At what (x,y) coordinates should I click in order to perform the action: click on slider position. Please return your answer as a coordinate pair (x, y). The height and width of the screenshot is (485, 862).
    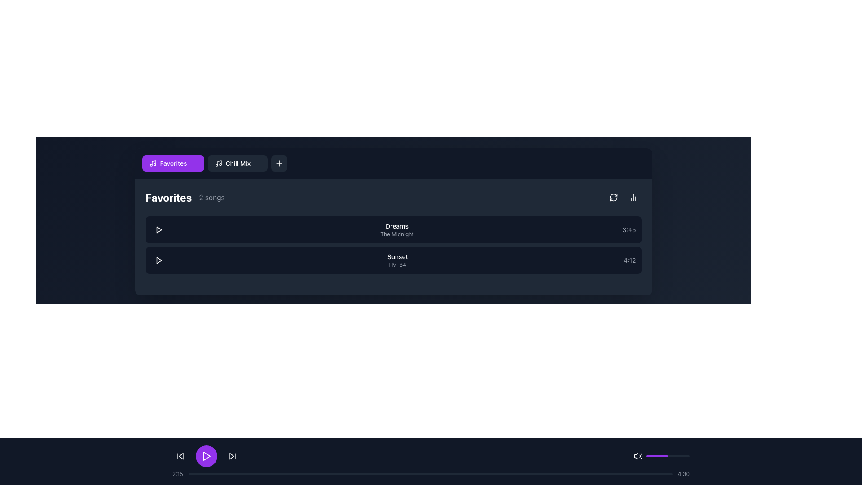
    Looking at the image, I should click on (654, 456).